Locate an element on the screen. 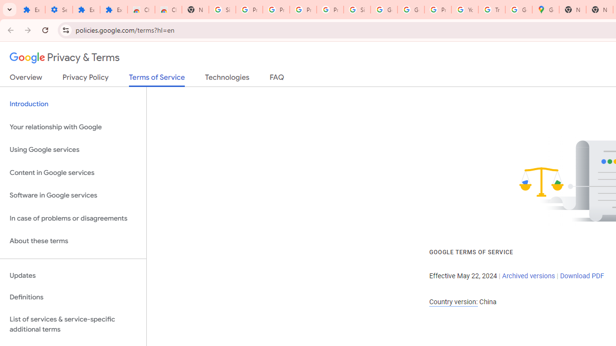 This screenshot has height=346, width=616. 'Your relationship with Google' is located at coordinates (73, 126).